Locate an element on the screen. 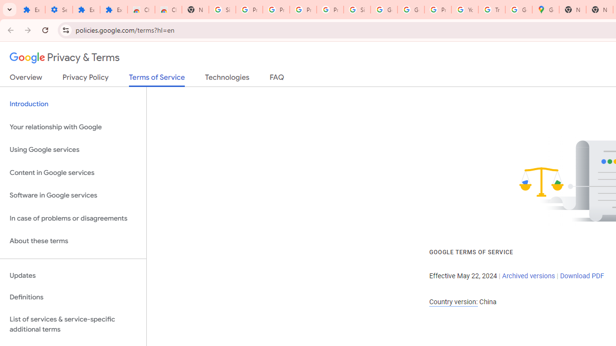 This screenshot has height=346, width=616. 'Your relationship with Google' is located at coordinates (73, 126).